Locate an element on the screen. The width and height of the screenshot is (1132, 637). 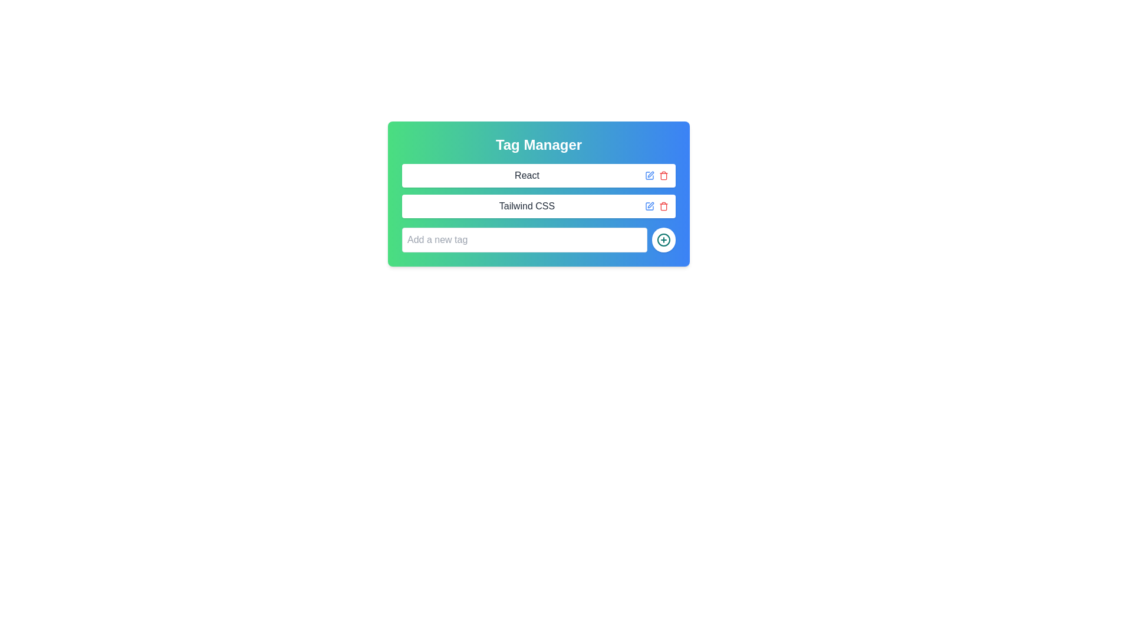
the pen-shaped vector graphic icon located within the 'Tag Manager' component UI, adjacent to the 'React' tag entry field's edit button is located at coordinates (650, 204).